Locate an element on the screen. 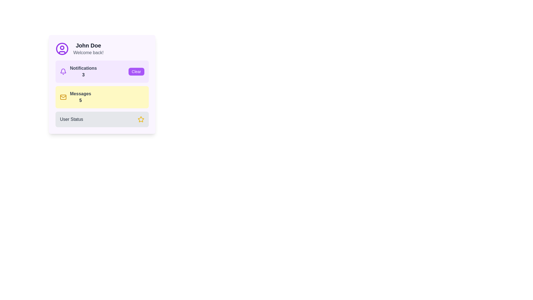 This screenshot has width=533, height=300. the text label displaying the number '3' in bold gray font, positioned beneath 'Notifications' is located at coordinates (83, 74).